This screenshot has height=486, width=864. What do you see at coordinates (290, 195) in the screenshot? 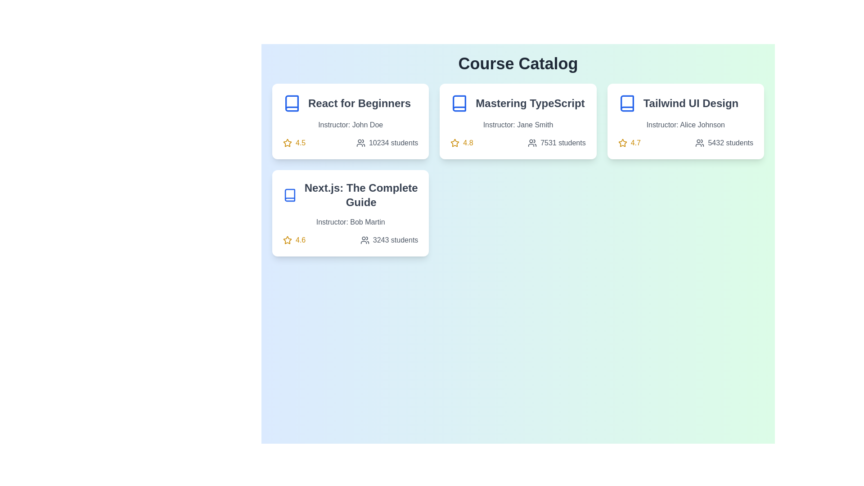
I see `the book icon with a blue outline located at the top left of the course card for 'Next.js: The Complete Guide'` at bounding box center [290, 195].